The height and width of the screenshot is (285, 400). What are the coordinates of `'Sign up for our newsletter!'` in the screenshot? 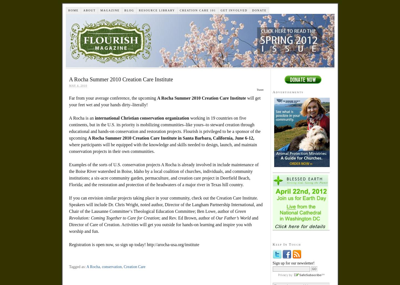 It's located at (293, 263).